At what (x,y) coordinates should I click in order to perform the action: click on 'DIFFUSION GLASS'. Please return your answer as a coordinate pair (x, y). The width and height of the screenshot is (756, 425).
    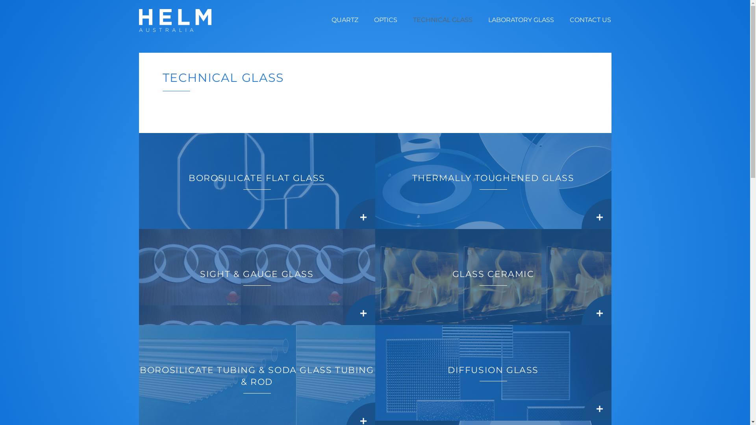
    Looking at the image, I should click on (493, 373).